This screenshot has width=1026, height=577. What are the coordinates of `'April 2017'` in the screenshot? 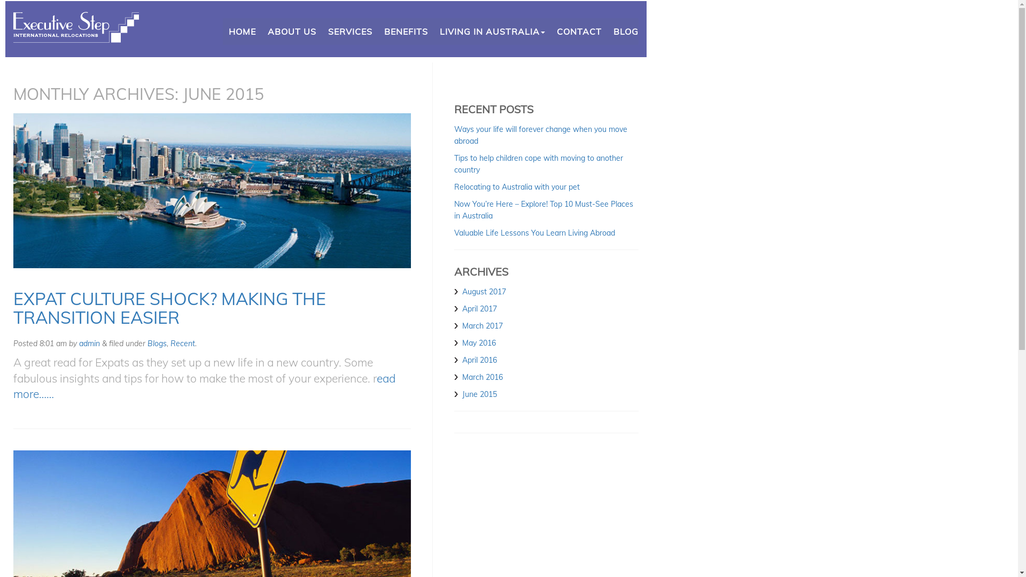 It's located at (479, 309).